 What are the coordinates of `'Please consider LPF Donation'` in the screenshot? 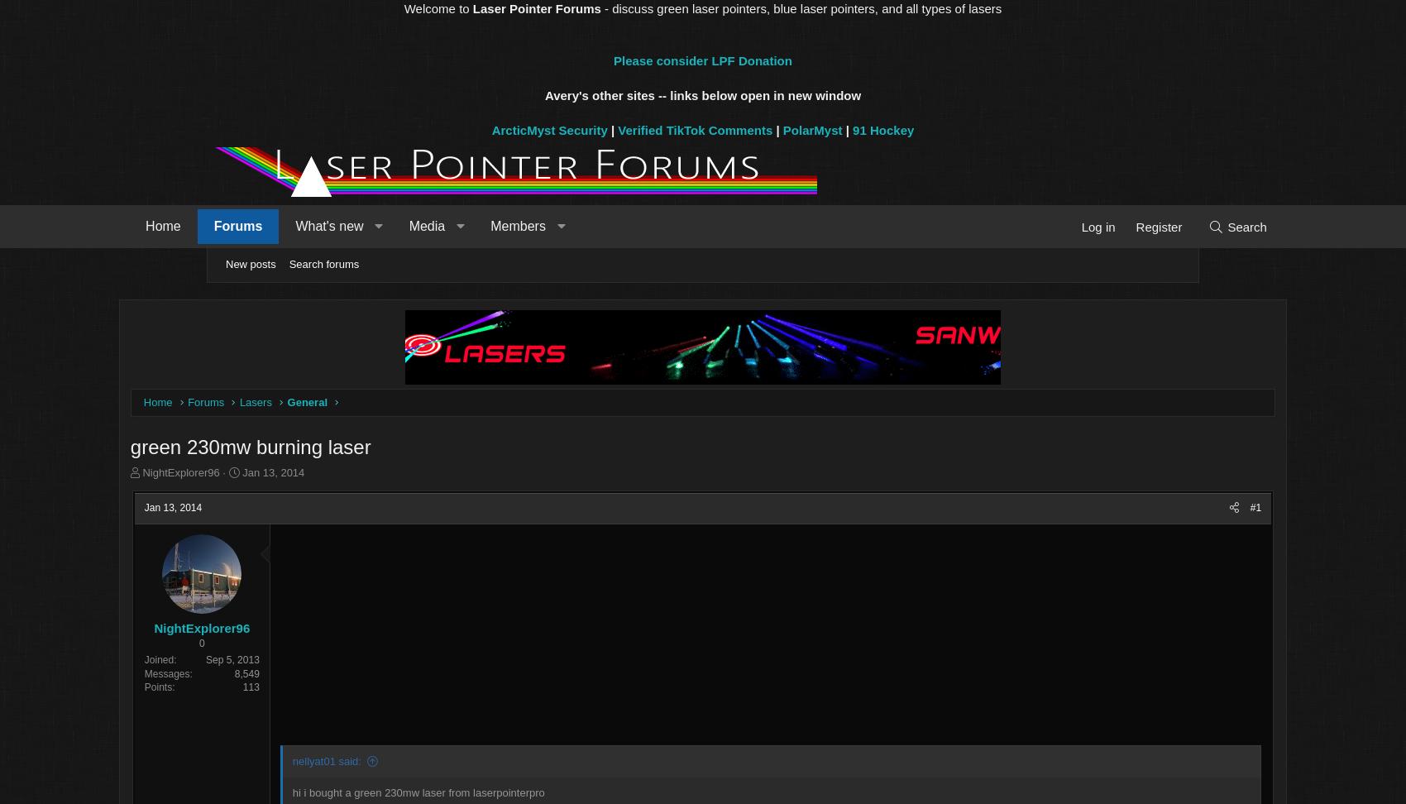 It's located at (701, 60).